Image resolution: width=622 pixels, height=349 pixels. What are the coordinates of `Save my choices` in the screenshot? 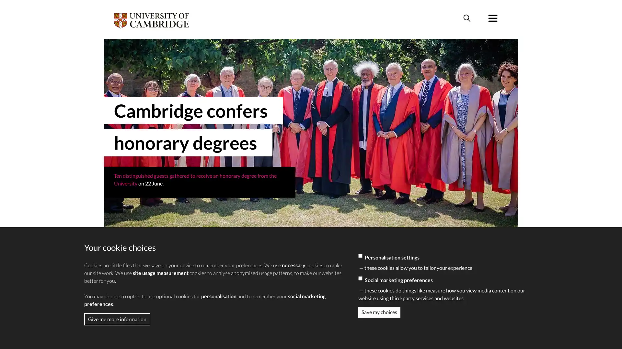 It's located at (379, 312).